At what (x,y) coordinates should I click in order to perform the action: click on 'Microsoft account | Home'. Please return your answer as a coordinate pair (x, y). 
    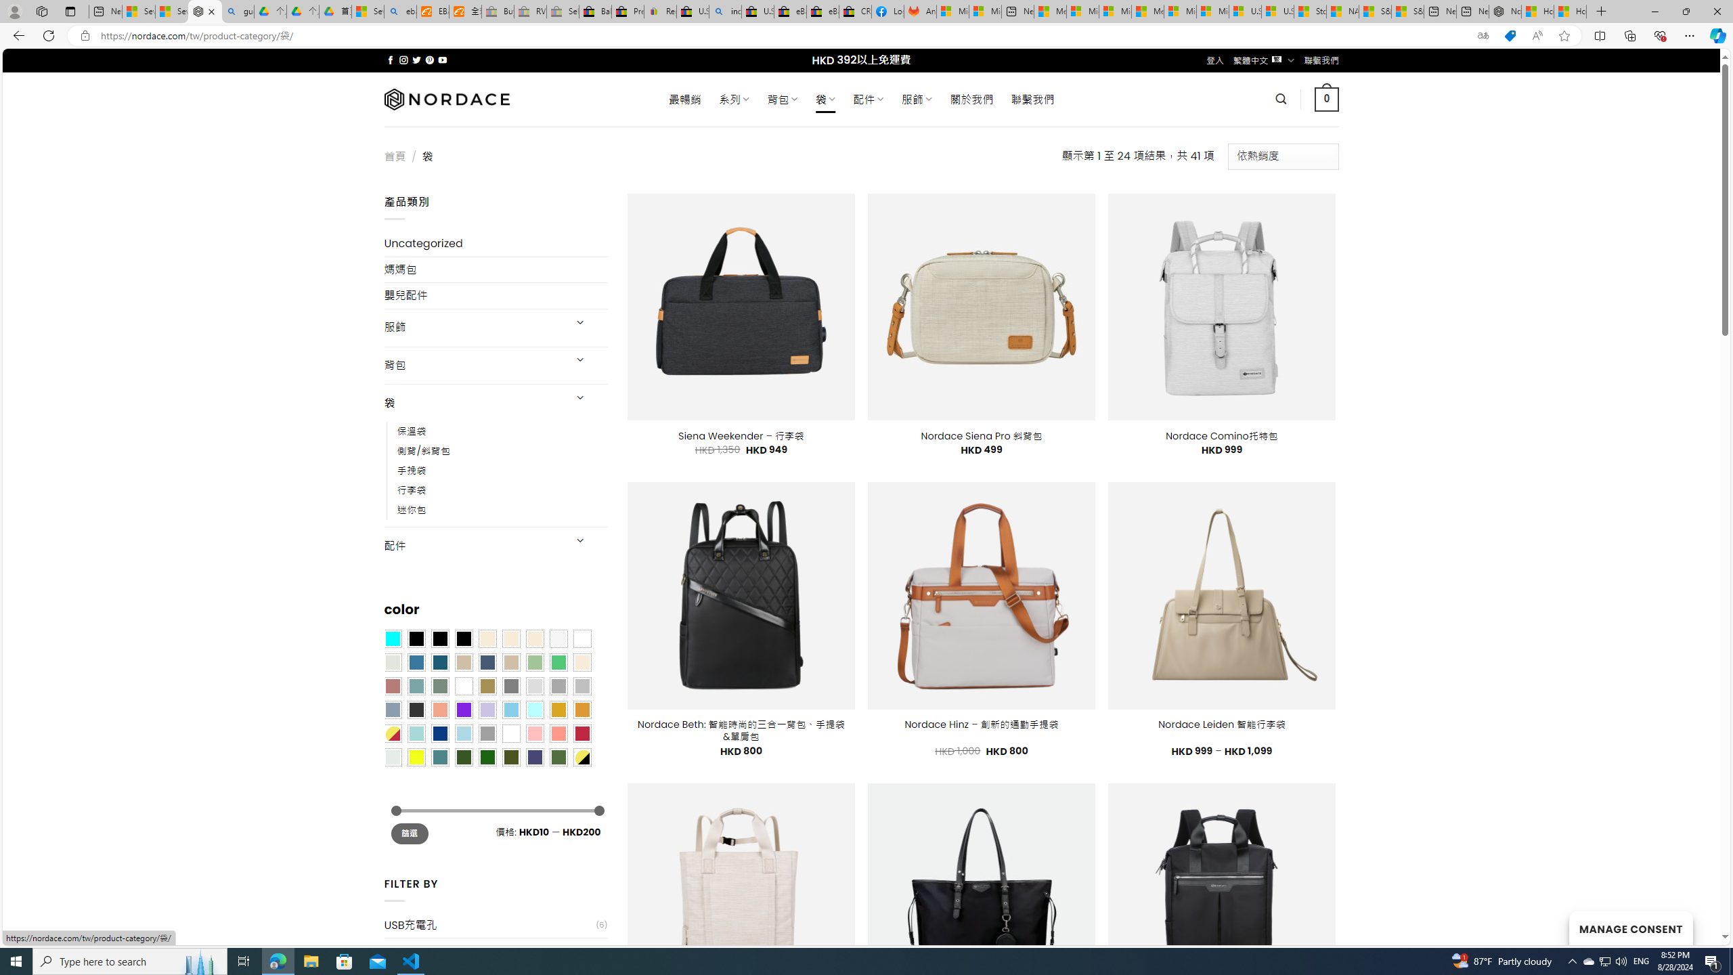
    Looking at the image, I should click on (1114, 11).